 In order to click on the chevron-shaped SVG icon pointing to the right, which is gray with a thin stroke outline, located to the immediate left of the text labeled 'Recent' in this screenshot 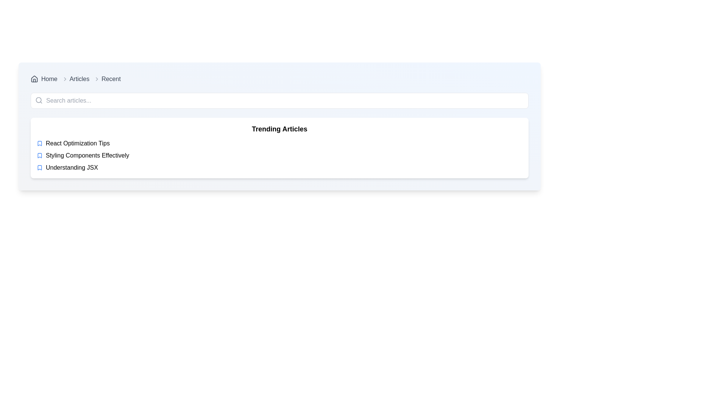, I will do `click(97, 79)`.